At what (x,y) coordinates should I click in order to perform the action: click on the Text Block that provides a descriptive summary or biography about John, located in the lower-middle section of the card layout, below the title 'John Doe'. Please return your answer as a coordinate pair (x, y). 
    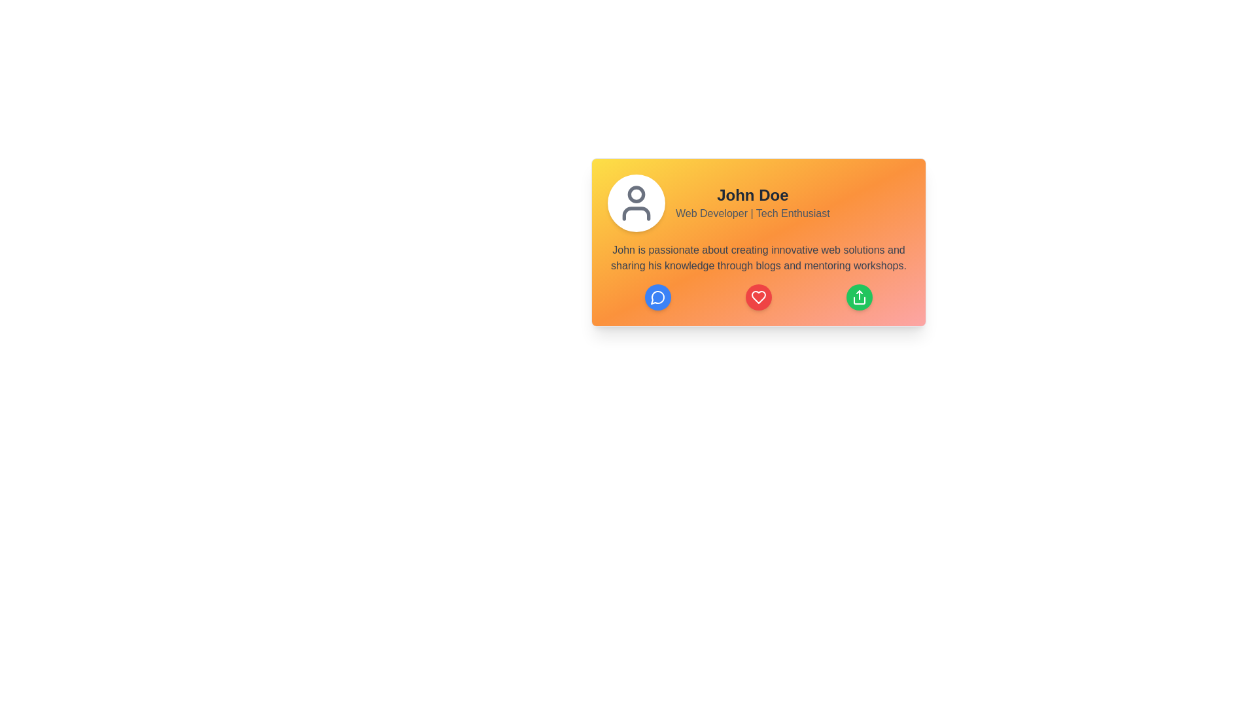
    Looking at the image, I should click on (759, 258).